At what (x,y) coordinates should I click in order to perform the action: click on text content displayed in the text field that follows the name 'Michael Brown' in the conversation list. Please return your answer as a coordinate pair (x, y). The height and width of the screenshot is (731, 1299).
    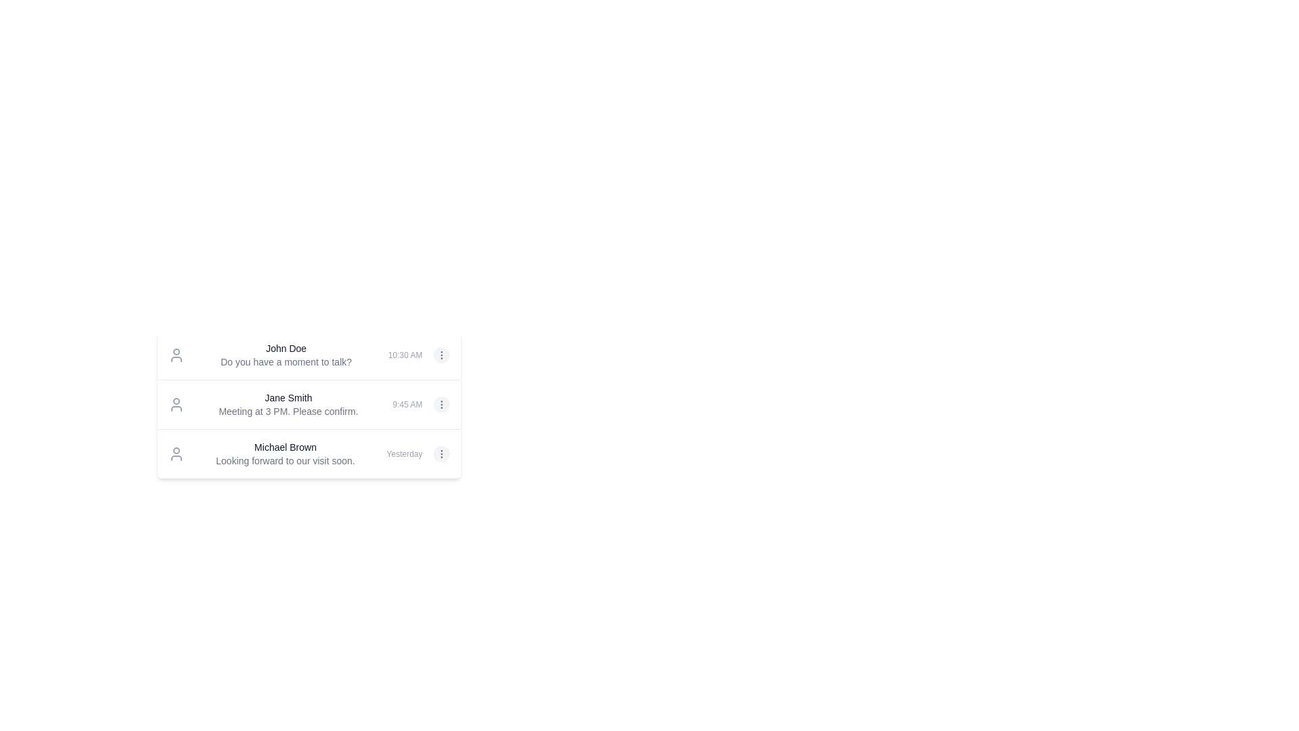
    Looking at the image, I should click on (285, 460).